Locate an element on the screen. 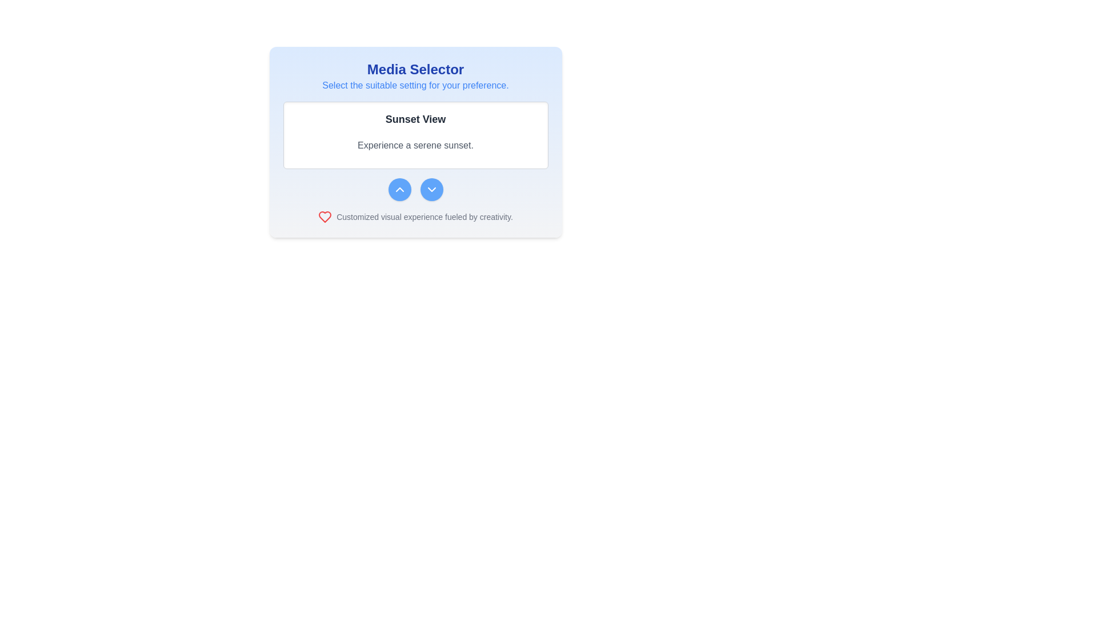  the upward navigation button located under the text 'Experience a serene sunset.' to increment or navigate upwards is located at coordinates (399, 189).